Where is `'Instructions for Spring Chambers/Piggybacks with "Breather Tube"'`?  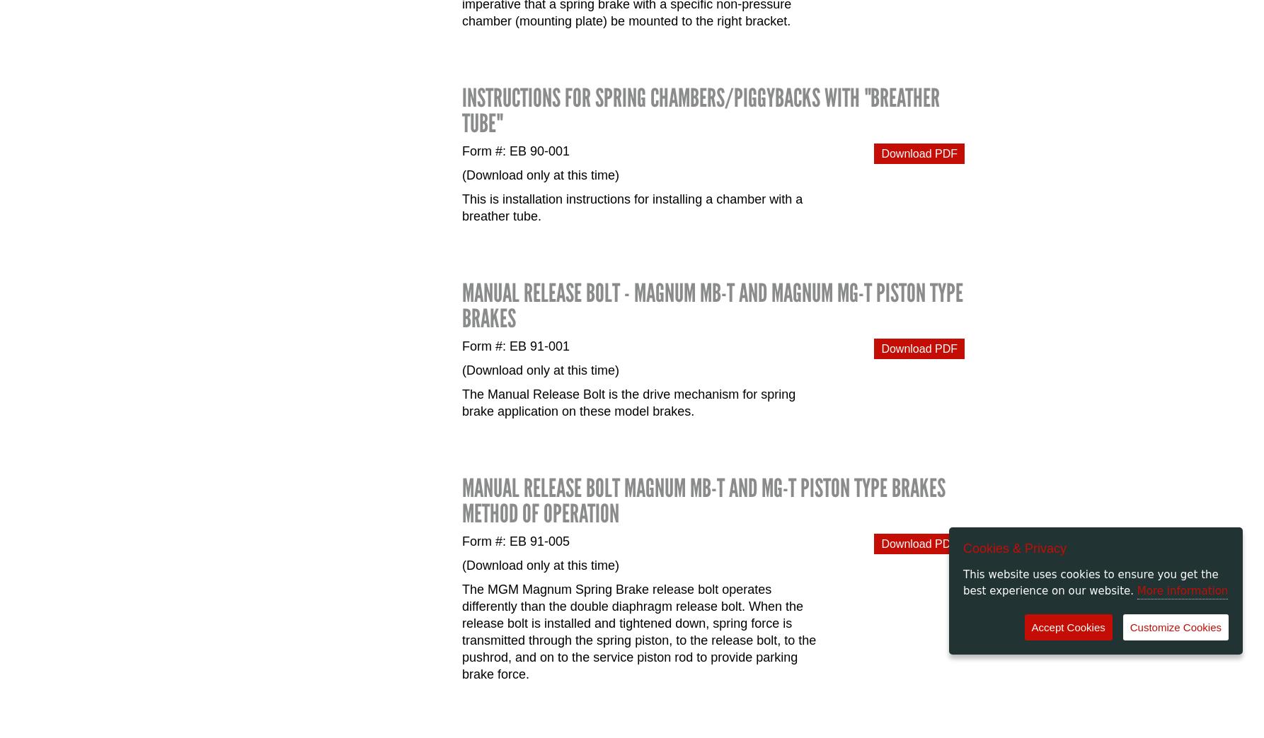
'Instructions for Spring Chambers/Piggybacks with "Breather Tube"' is located at coordinates (701, 110).